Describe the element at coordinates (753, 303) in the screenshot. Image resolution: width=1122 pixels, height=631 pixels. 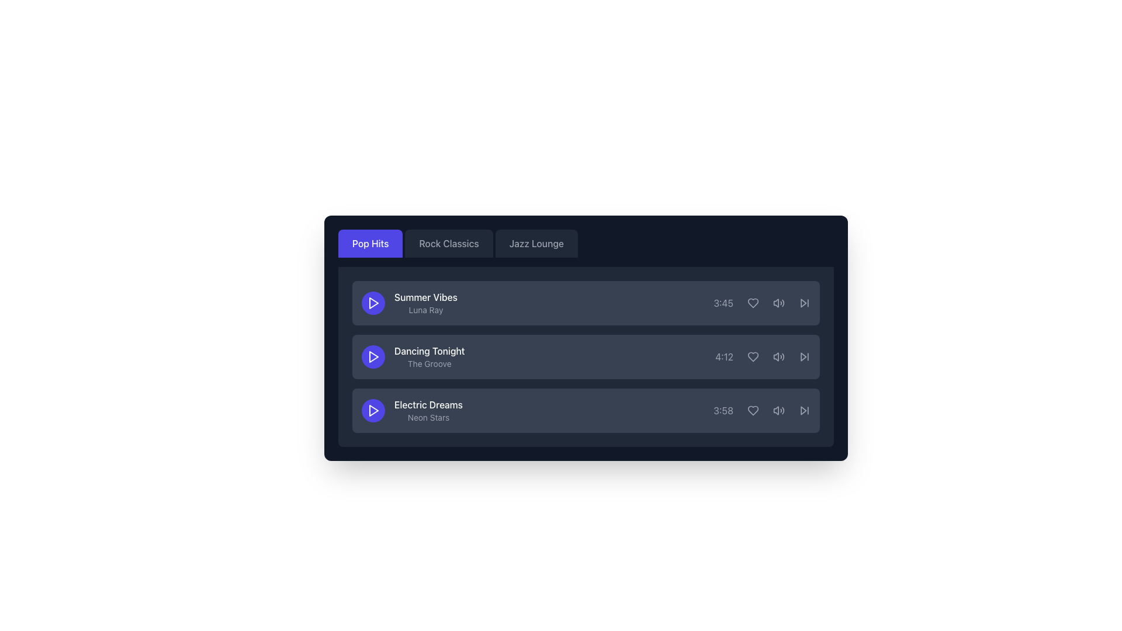
I see `the heart-shaped 'like' button outlined in gray, located to the right of the time '3:45' and slightly left of the sound icon in the 'Summer Vibes' playlist interface` at that location.